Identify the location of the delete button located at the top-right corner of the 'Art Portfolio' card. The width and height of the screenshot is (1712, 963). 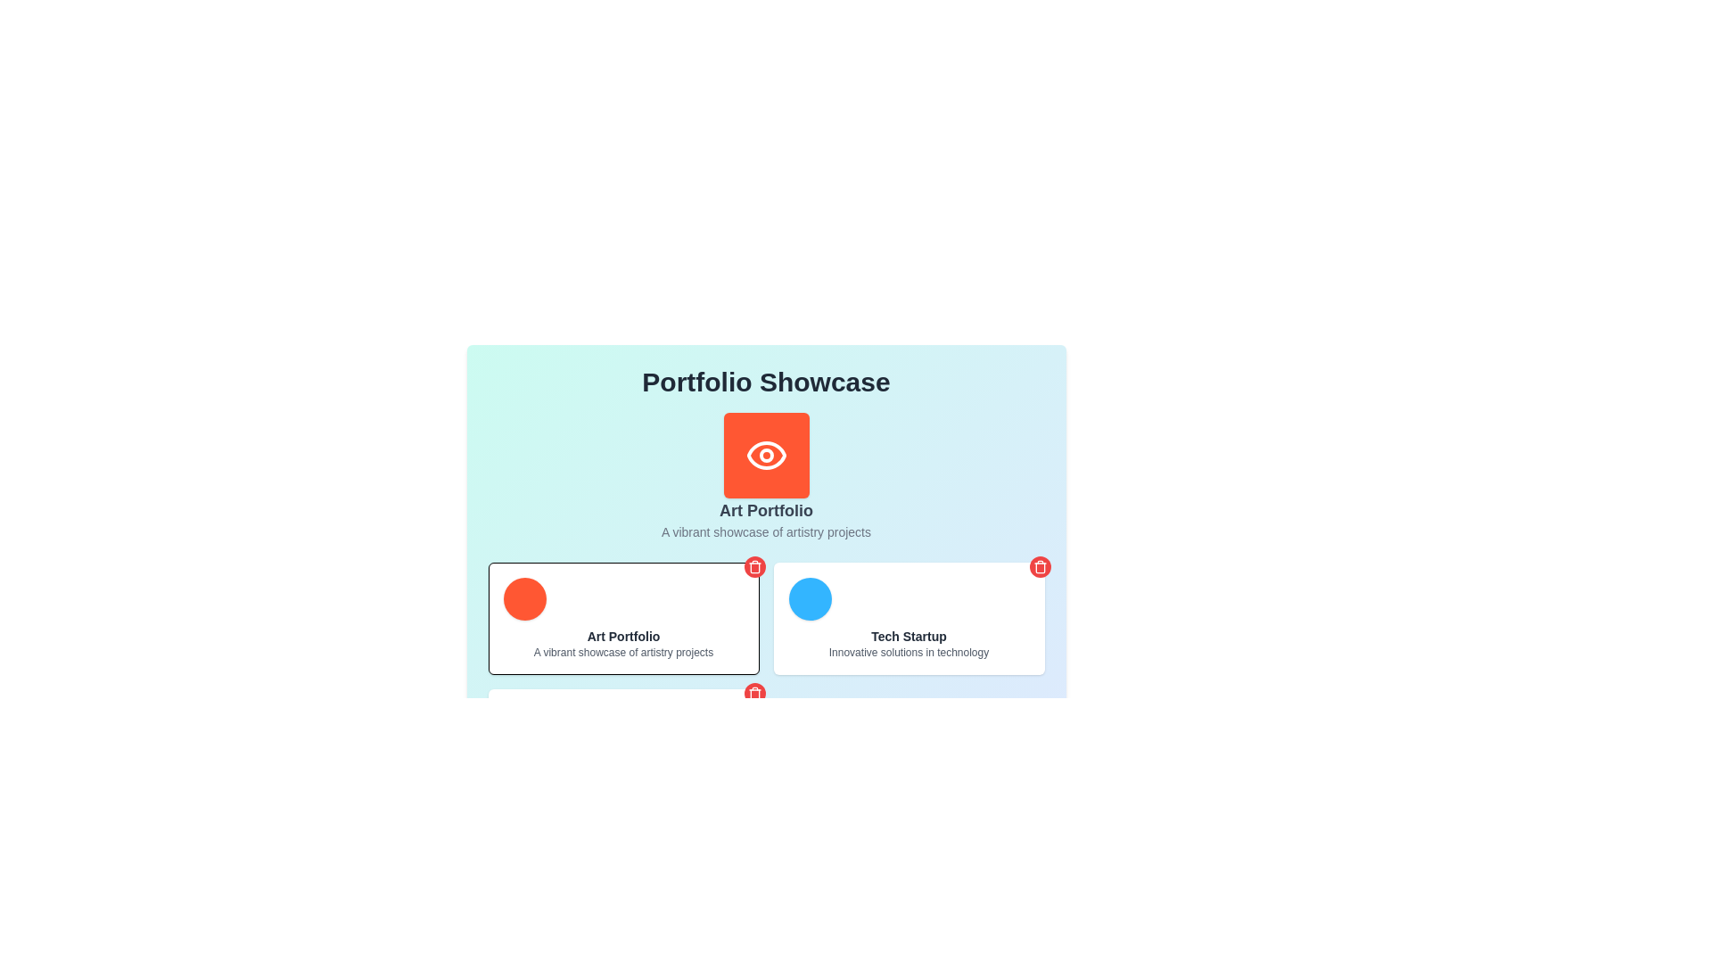
(754, 567).